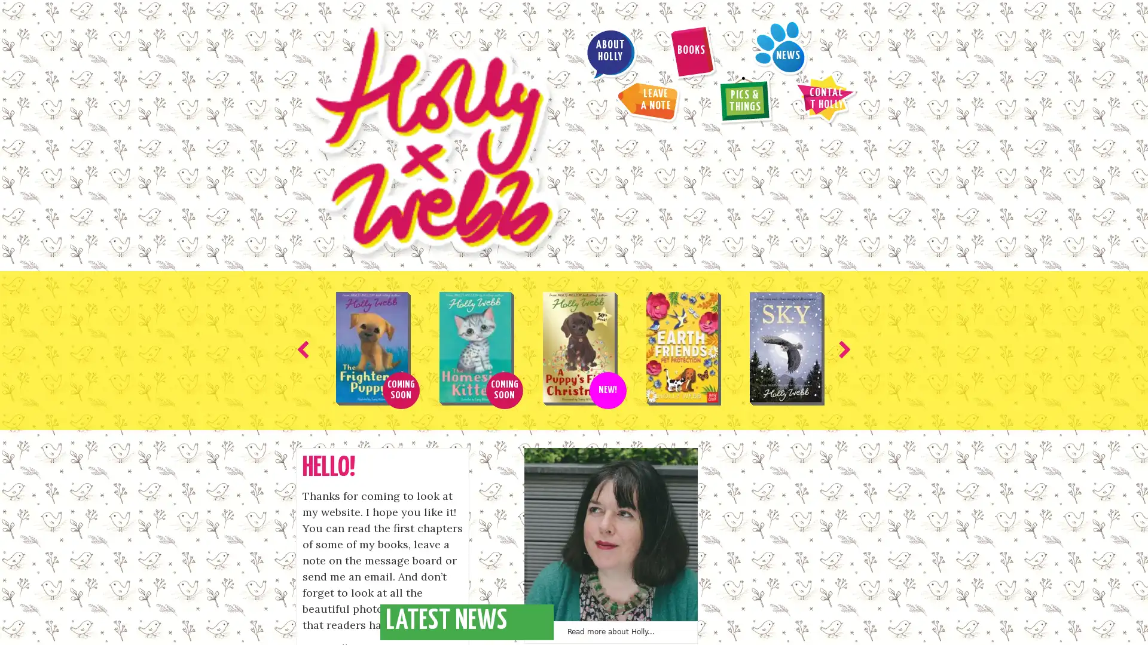 This screenshot has height=645, width=1148. What do you see at coordinates (502, 606) in the screenshot?
I see `Previous` at bounding box center [502, 606].